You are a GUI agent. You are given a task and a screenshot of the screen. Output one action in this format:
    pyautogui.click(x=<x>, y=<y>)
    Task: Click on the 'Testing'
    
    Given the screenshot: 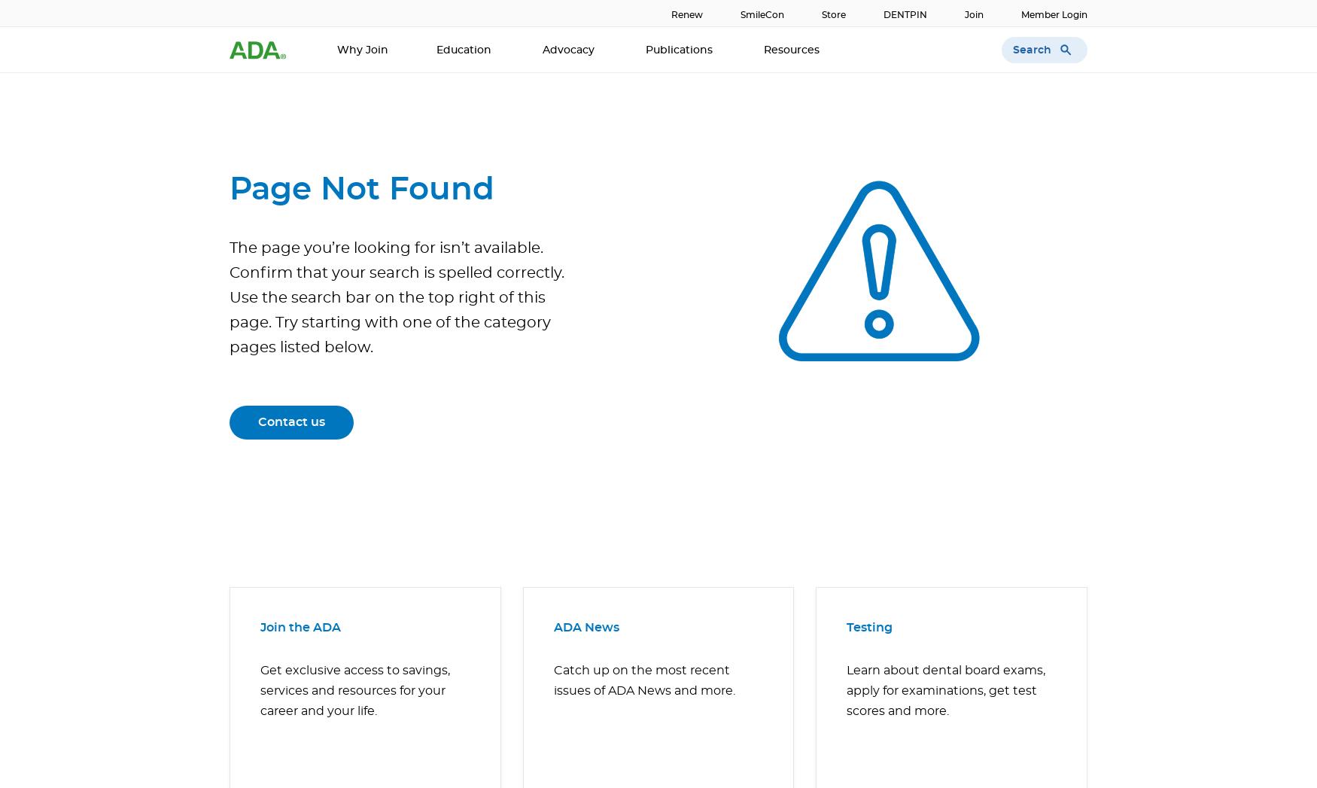 What is the action you would take?
    pyautogui.click(x=868, y=626)
    